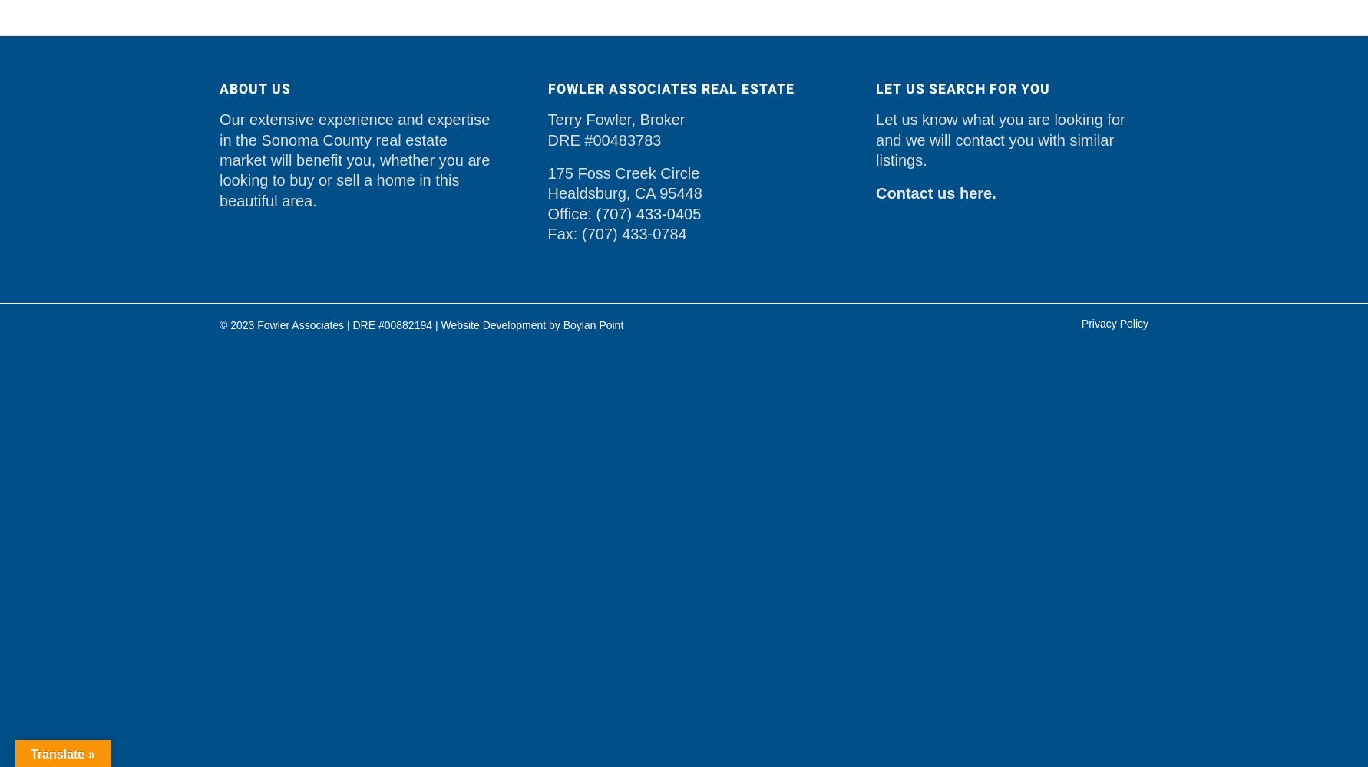 The height and width of the screenshot is (767, 1368). What do you see at coordinates (219, 324) in the screenshot?
I see `'© 2023 Fowler Associates | DRE #00882194 |'` at bounding box center [219, 324].